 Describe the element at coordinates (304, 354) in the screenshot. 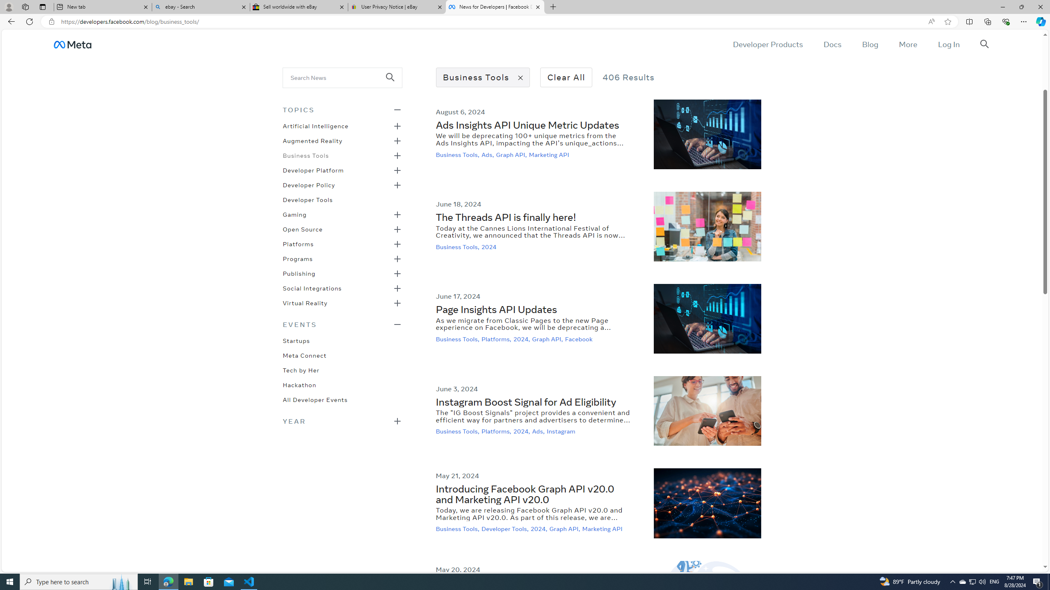

I see `'Meta Connect'` at that location.